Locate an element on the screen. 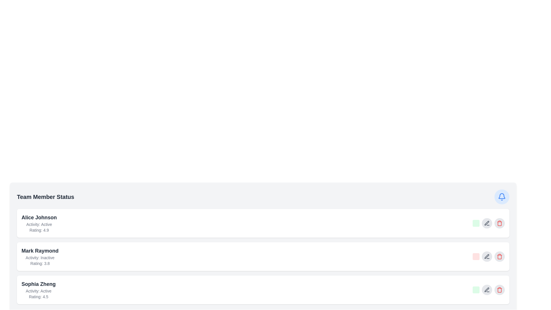  the red square badge with rounded edges that indicates 'Inactive' status, located in the row of status-related features for a team member is located at coordinates (476, 256).